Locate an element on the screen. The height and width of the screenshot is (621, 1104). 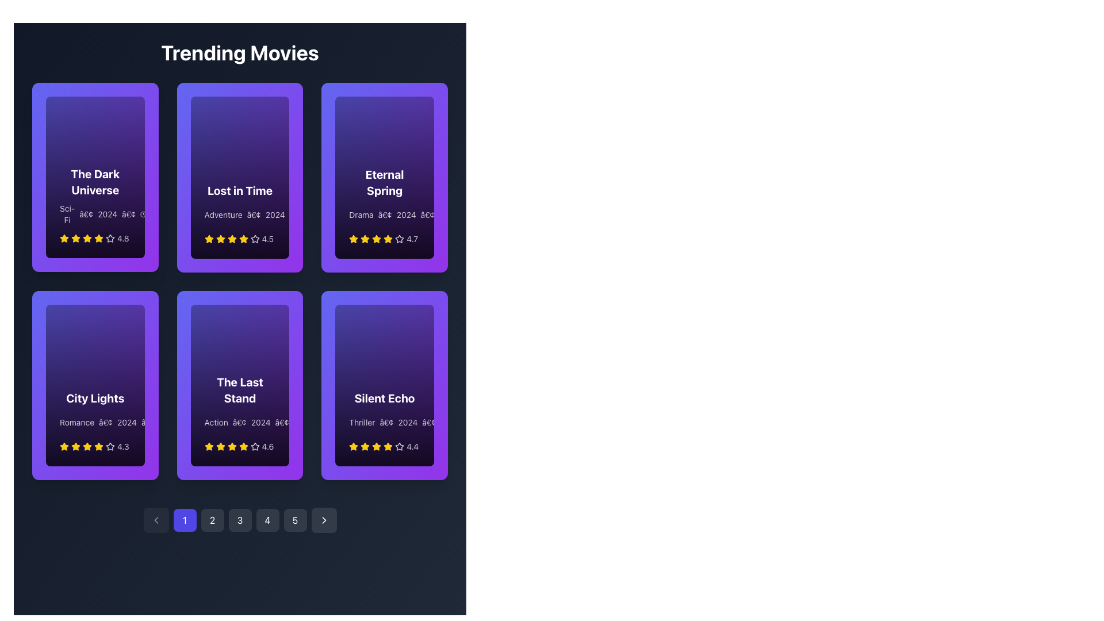
the rightwards arrow icon within the last button of the horizontal pagination control bar is located at coordinates (323, 520).